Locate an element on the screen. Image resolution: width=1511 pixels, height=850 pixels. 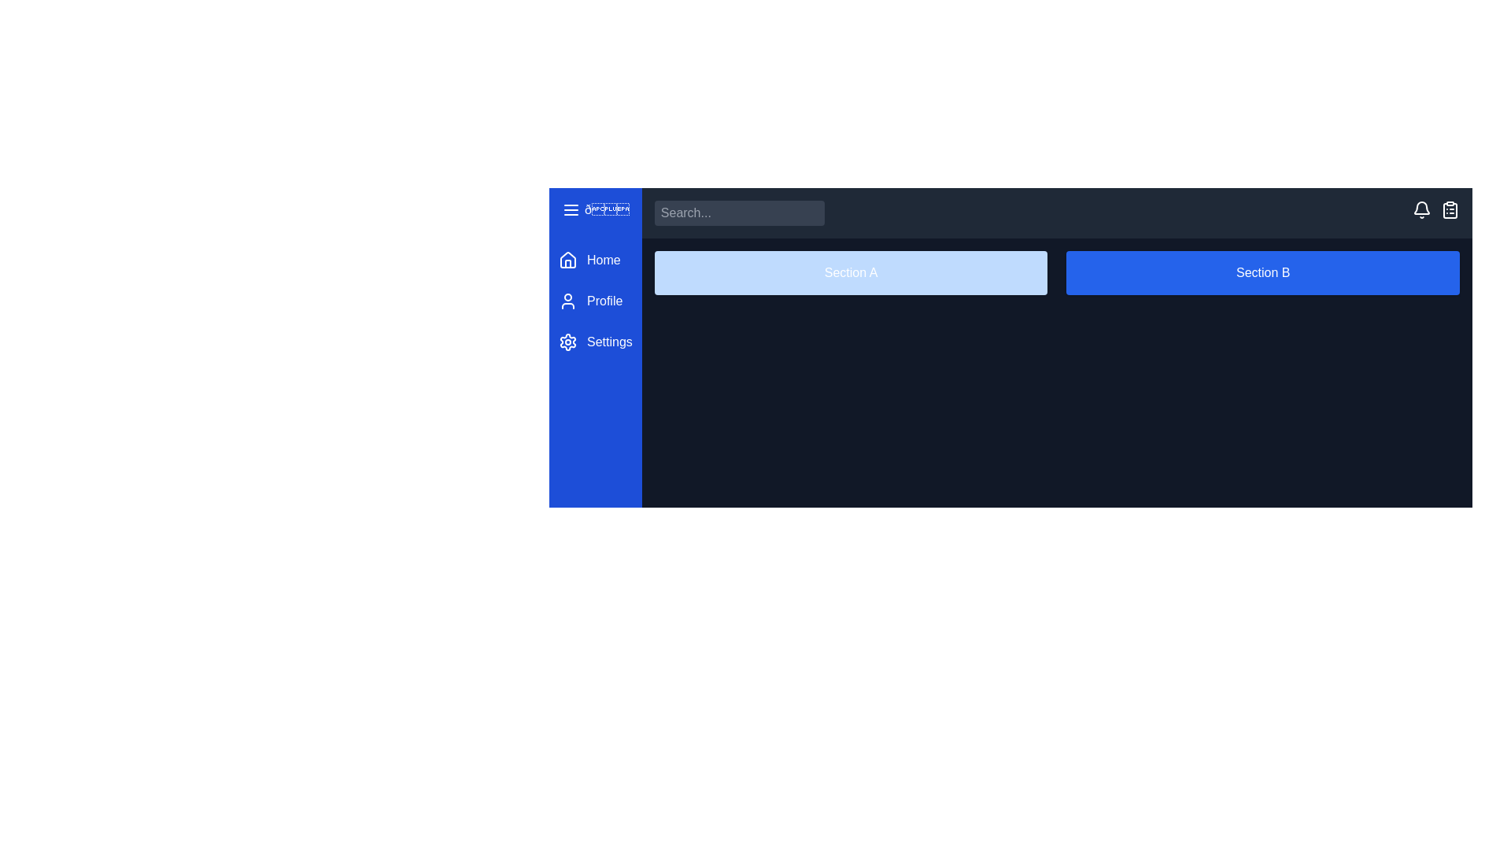
the user profile icon, which is a circular head and shoulders outline, located in the 'Profile' button on the sidebar is located at coordinates (567, 301).